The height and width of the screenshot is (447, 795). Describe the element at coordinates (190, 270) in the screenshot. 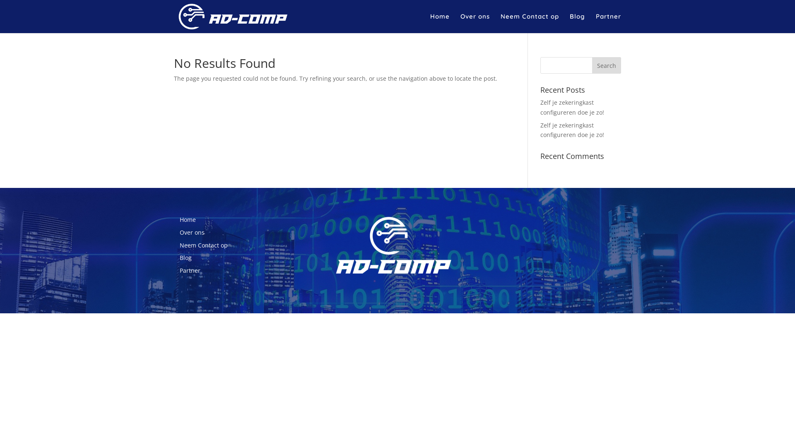

I see `'Partner'` at that location.